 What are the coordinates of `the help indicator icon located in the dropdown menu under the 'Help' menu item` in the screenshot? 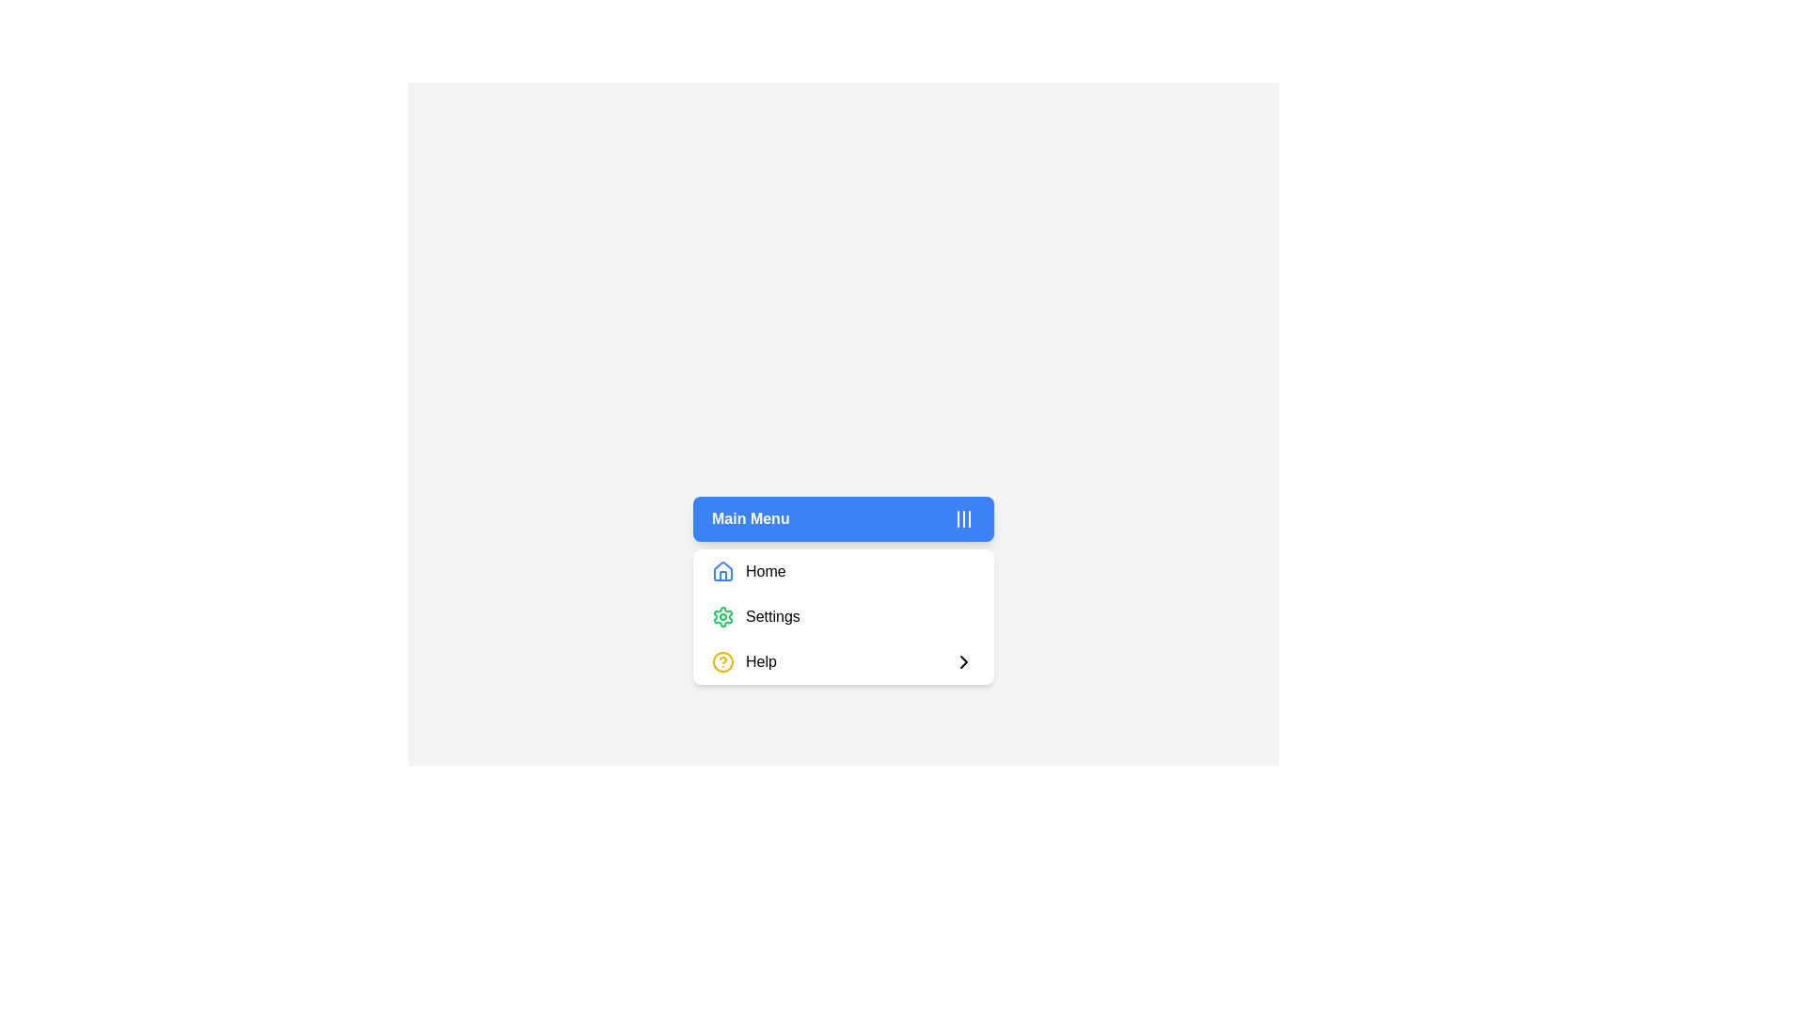 It's located at (964, 661).